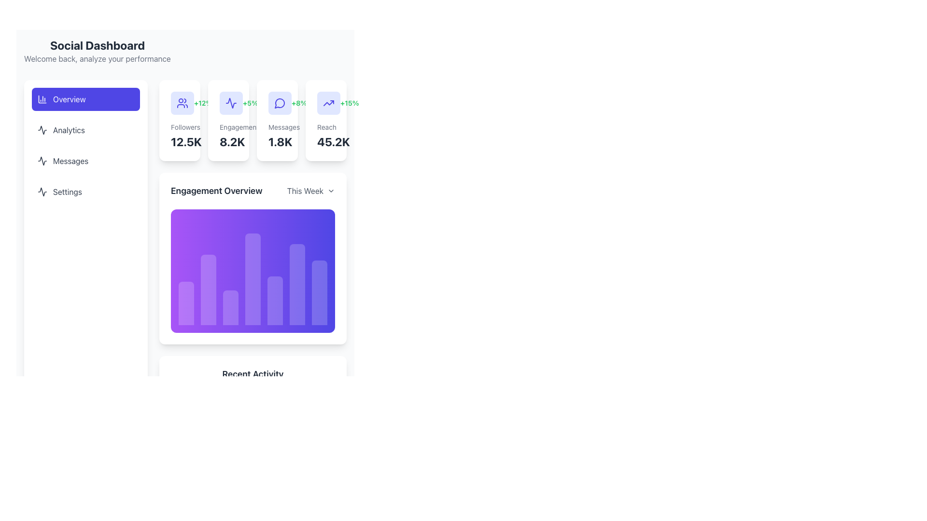 Image resolution: width=927 pixels, height=521 pixels. What do you see at coordinates (228, 126) in the screenshot?
I see `the static text label indicating the 'Engagement' metric, which is located in the second card of a horizontal series of four cards on the dashboard, positioned above the value '8.2K'` at bounding box center [228, 126].